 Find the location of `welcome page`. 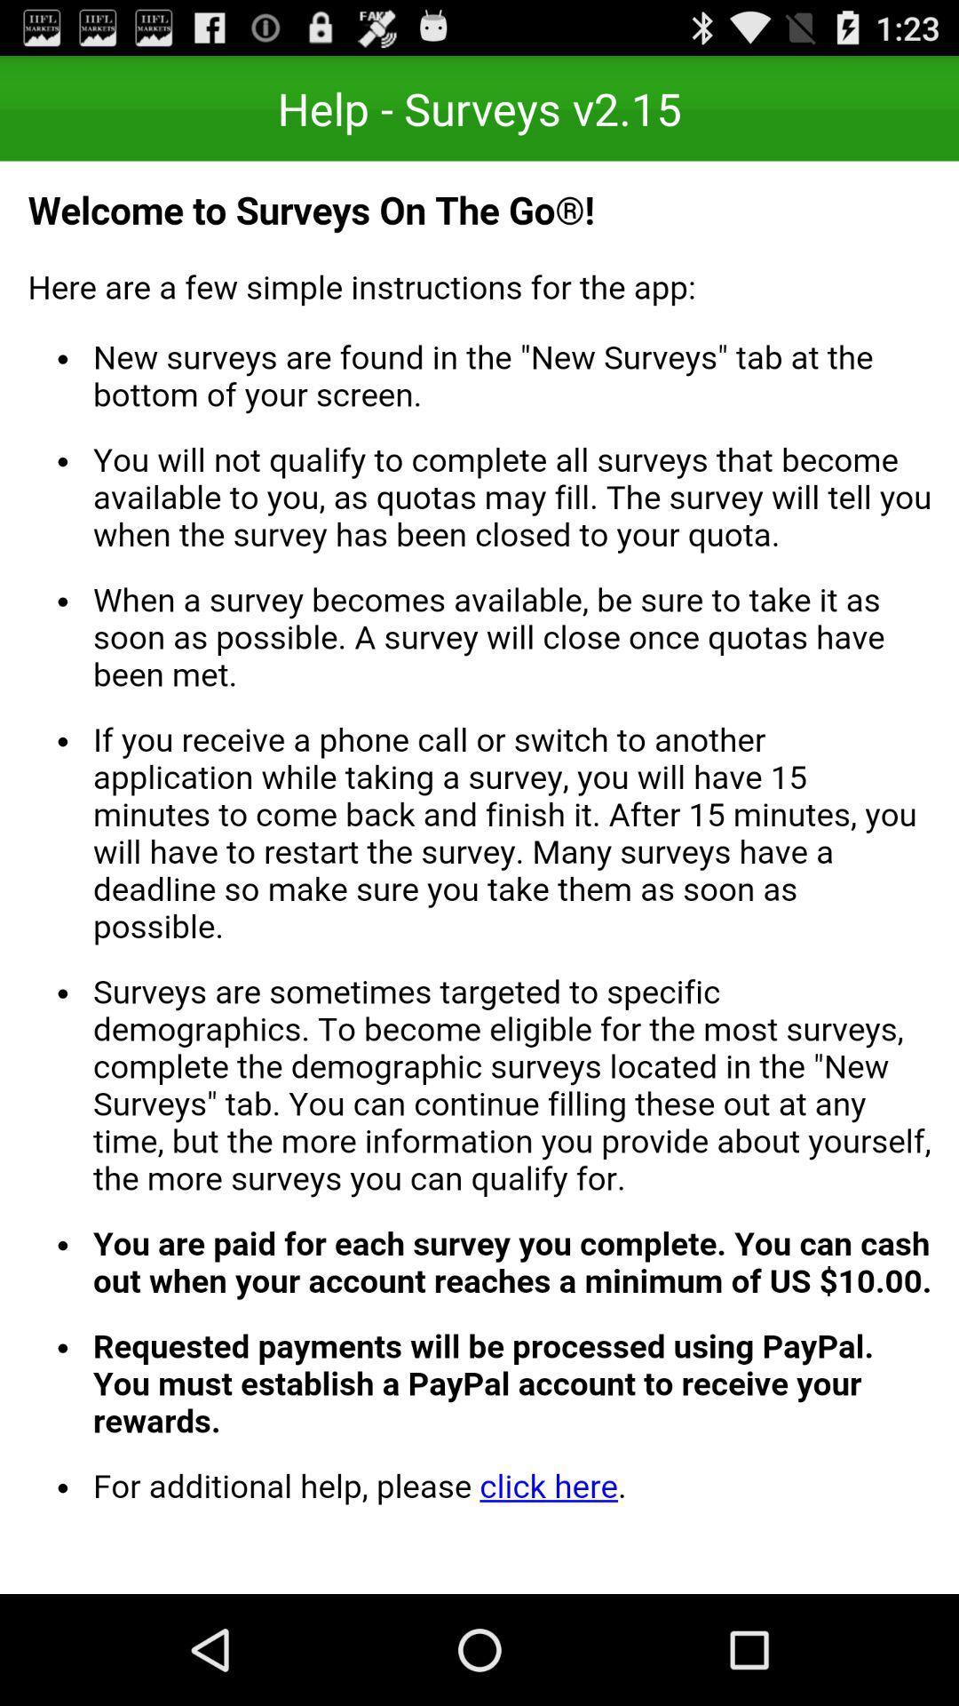

welcome page is located at coordinates (479, 877).